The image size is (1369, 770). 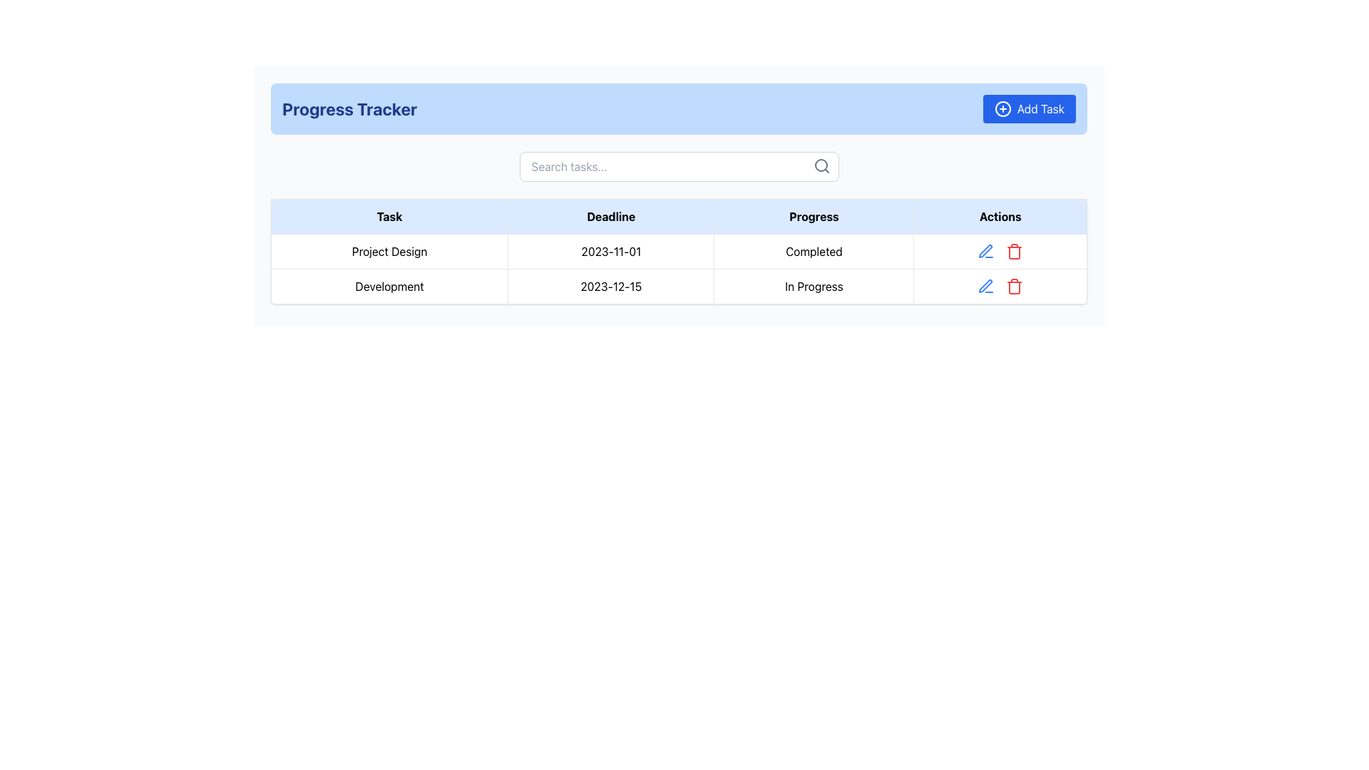 I want to click on displayed deadline date for the 'Development' task in the 'Progress Tracker' table, located in the second row under the 'Deadline' column, so click(x=611, y=286).